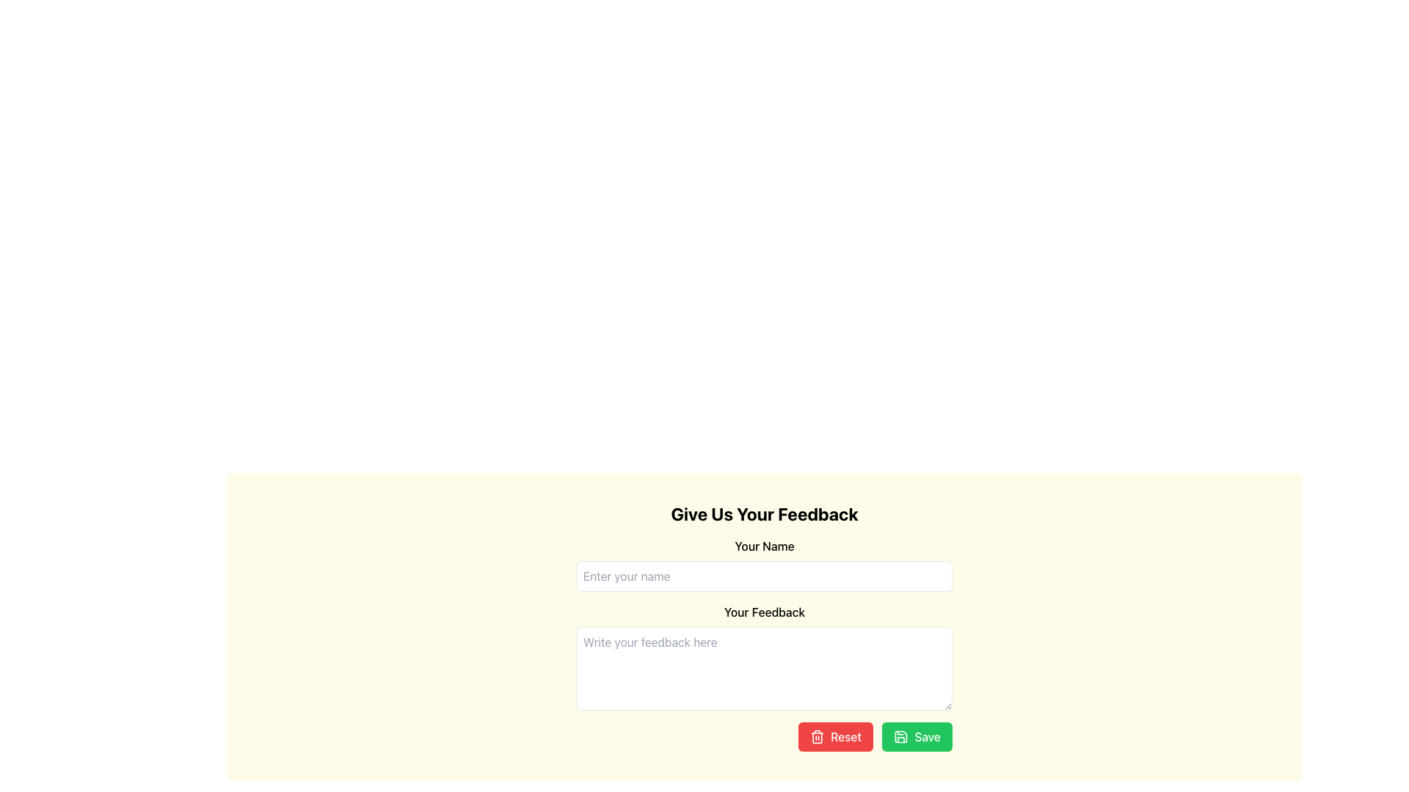  Describe the element at coordinates (763, 546) in the screenshot. I see `the Text Label that instructs users to enter their name, located at the top of the feedback form interface, directly above the name input field` at that location.